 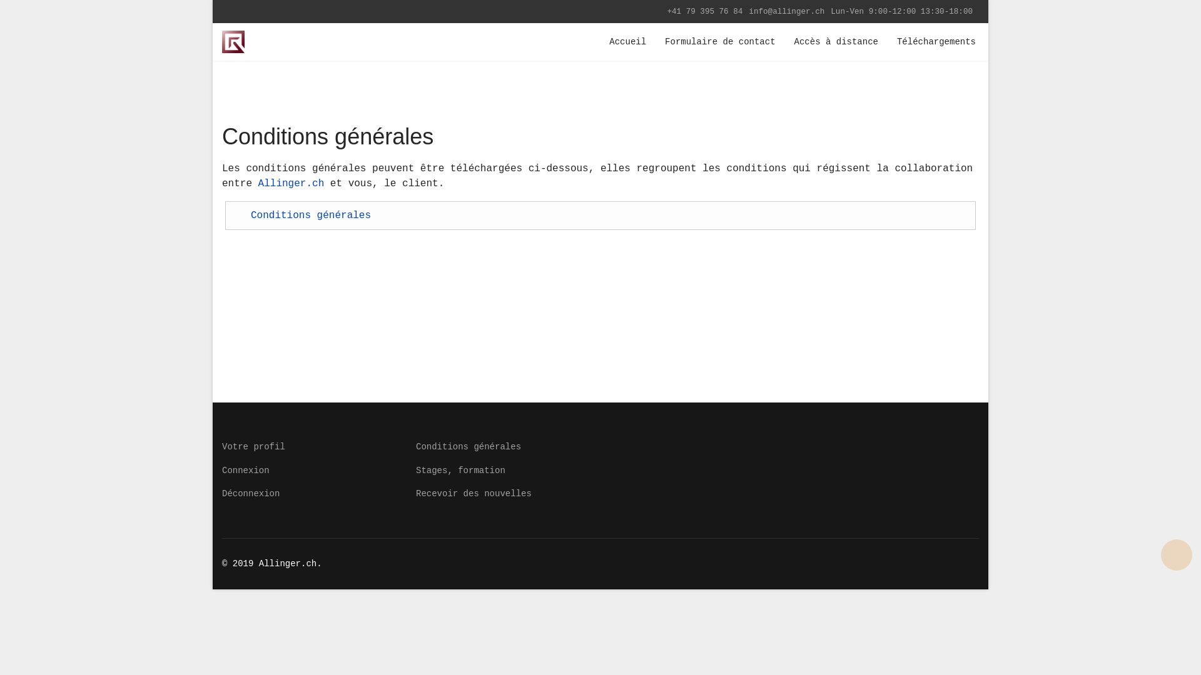 I want to click on 'Formulaire de contact', so click(x=720, y=41).